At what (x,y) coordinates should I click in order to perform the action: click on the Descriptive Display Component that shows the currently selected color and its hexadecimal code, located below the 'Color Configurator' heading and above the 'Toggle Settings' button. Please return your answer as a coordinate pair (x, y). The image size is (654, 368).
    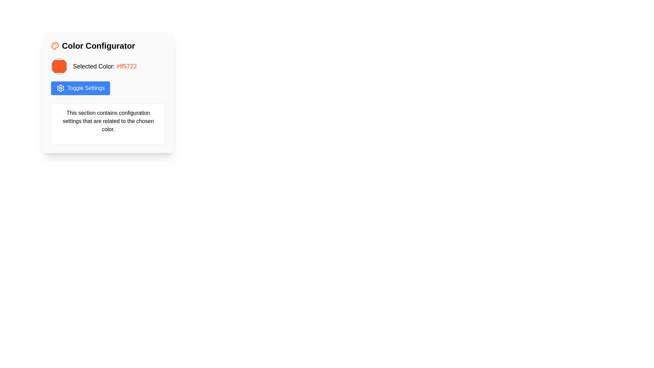
    Looking at the image, I should click on (108, 66).